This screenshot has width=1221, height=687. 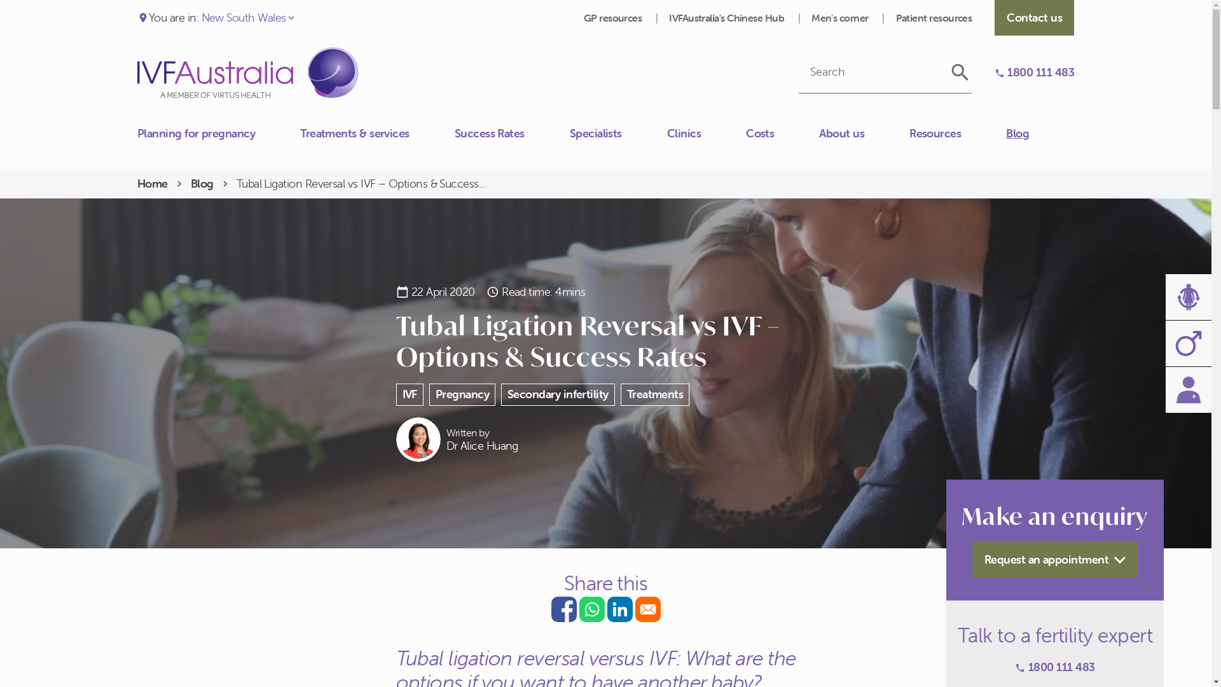 I want to click on 'Request an appointment', so click(x=1055, y=559).